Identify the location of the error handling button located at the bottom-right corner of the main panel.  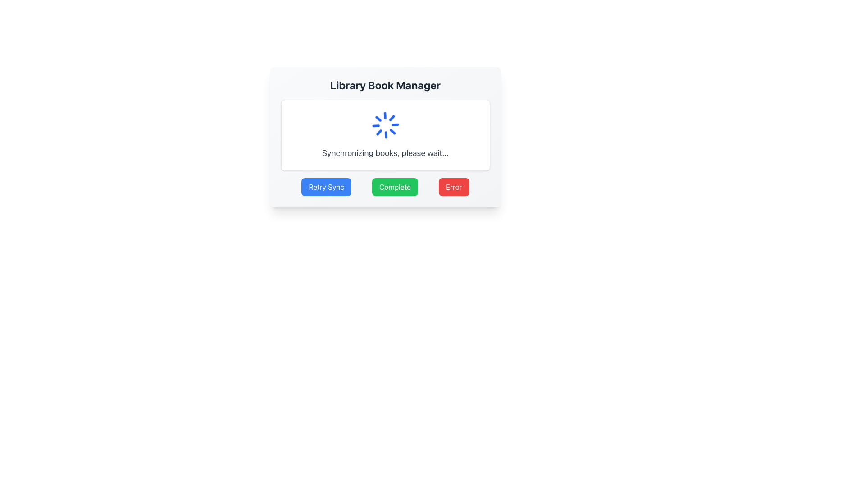
(454, 187).